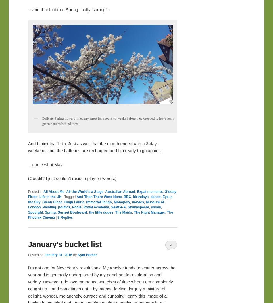 The image size is (273, 303). What do you see at coordinates (53, 191) in the screenshot?
I see `'All About Me'` at bounding box center [53, 191].